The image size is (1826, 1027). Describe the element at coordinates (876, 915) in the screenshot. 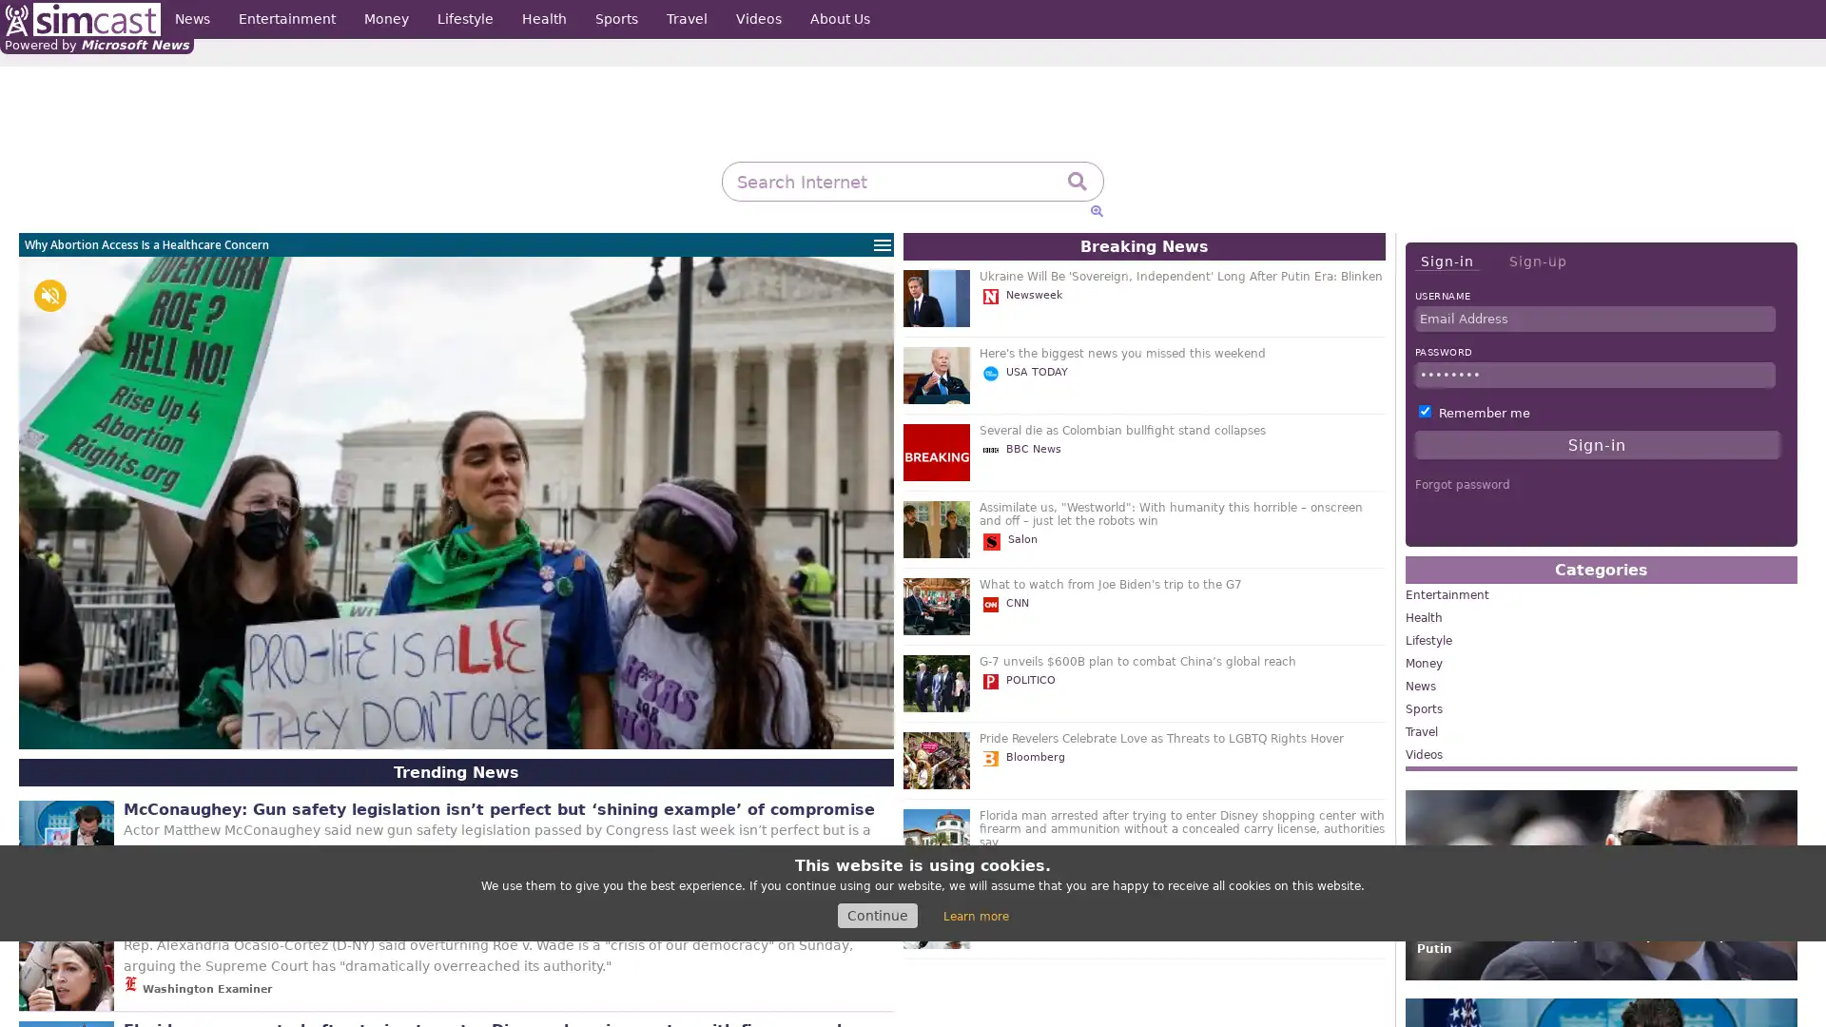

I see `Continue` at that location.